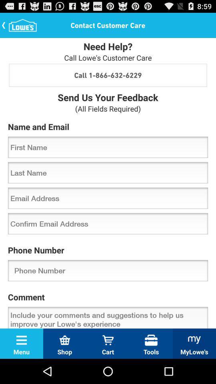  I want to click on the app above phone number, so click(108, 224).